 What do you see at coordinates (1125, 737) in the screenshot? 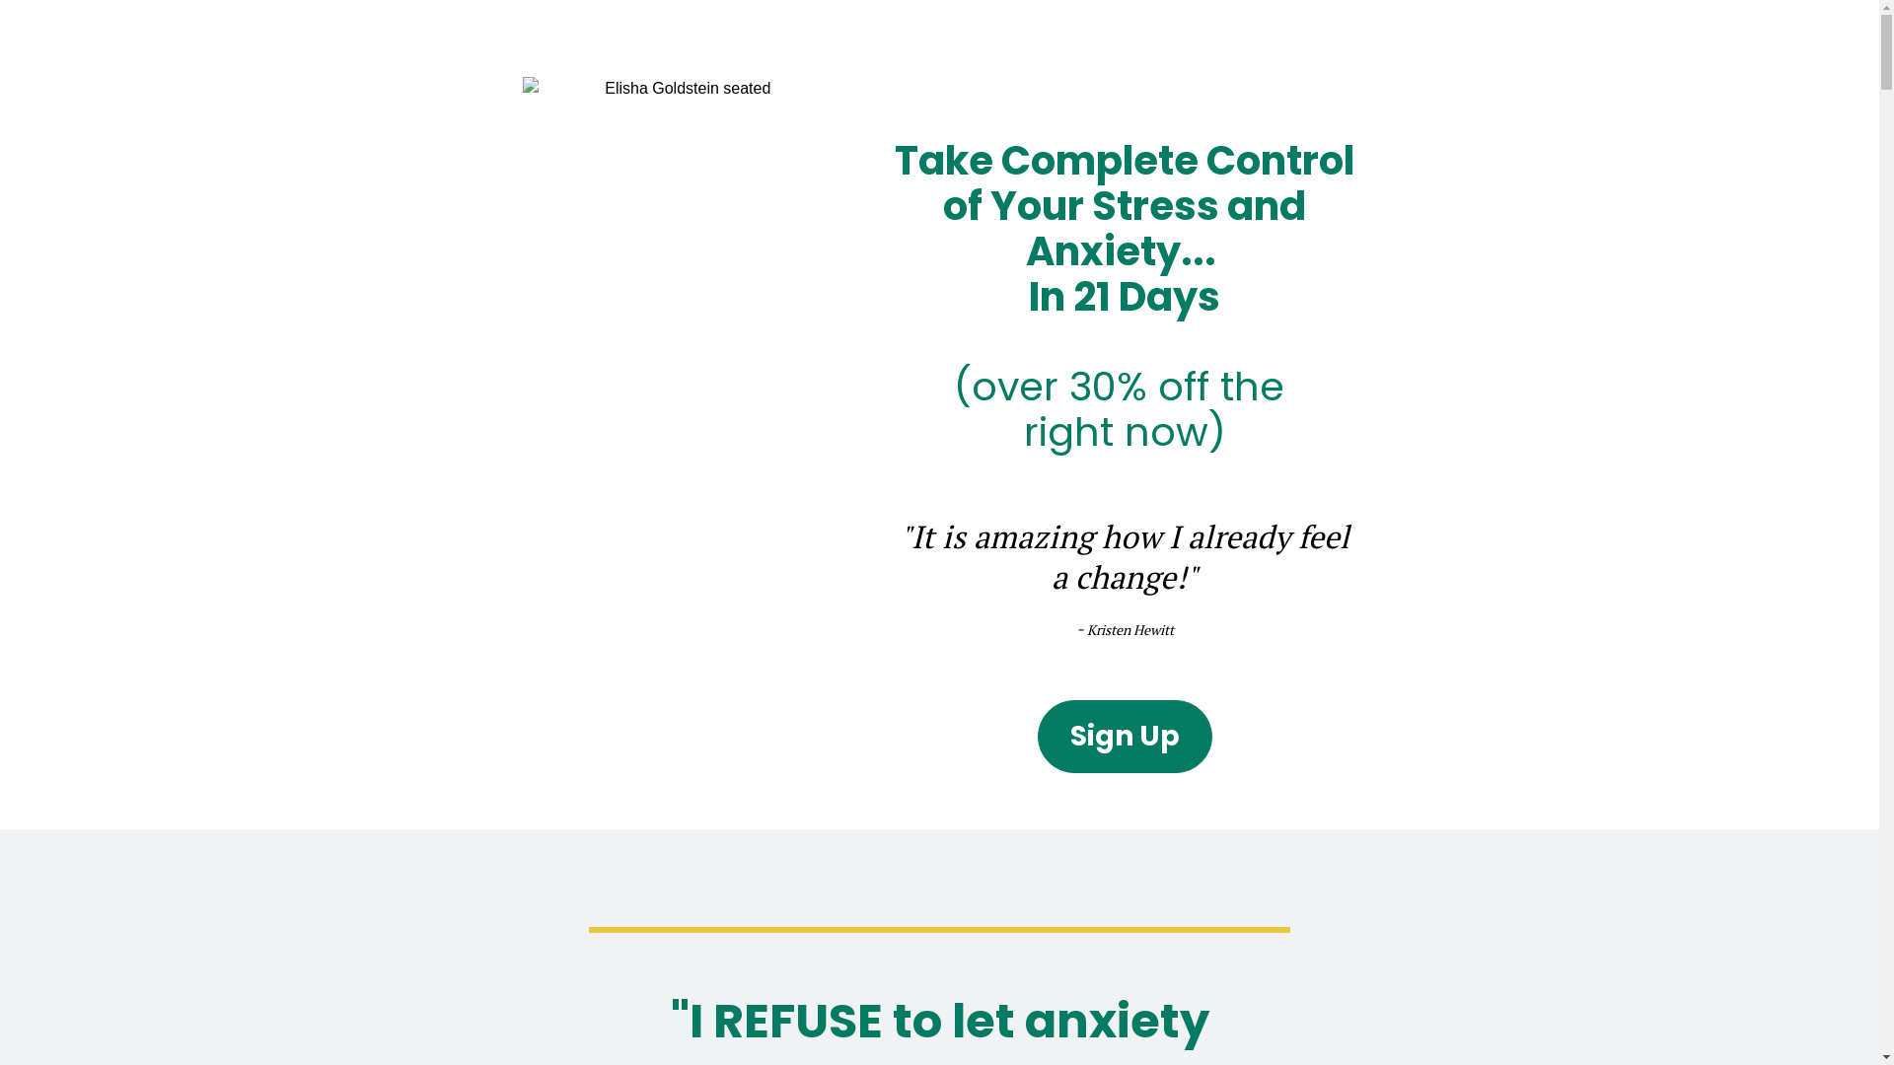
I see `'Sign Up'` at bounding box center [1125, 737].